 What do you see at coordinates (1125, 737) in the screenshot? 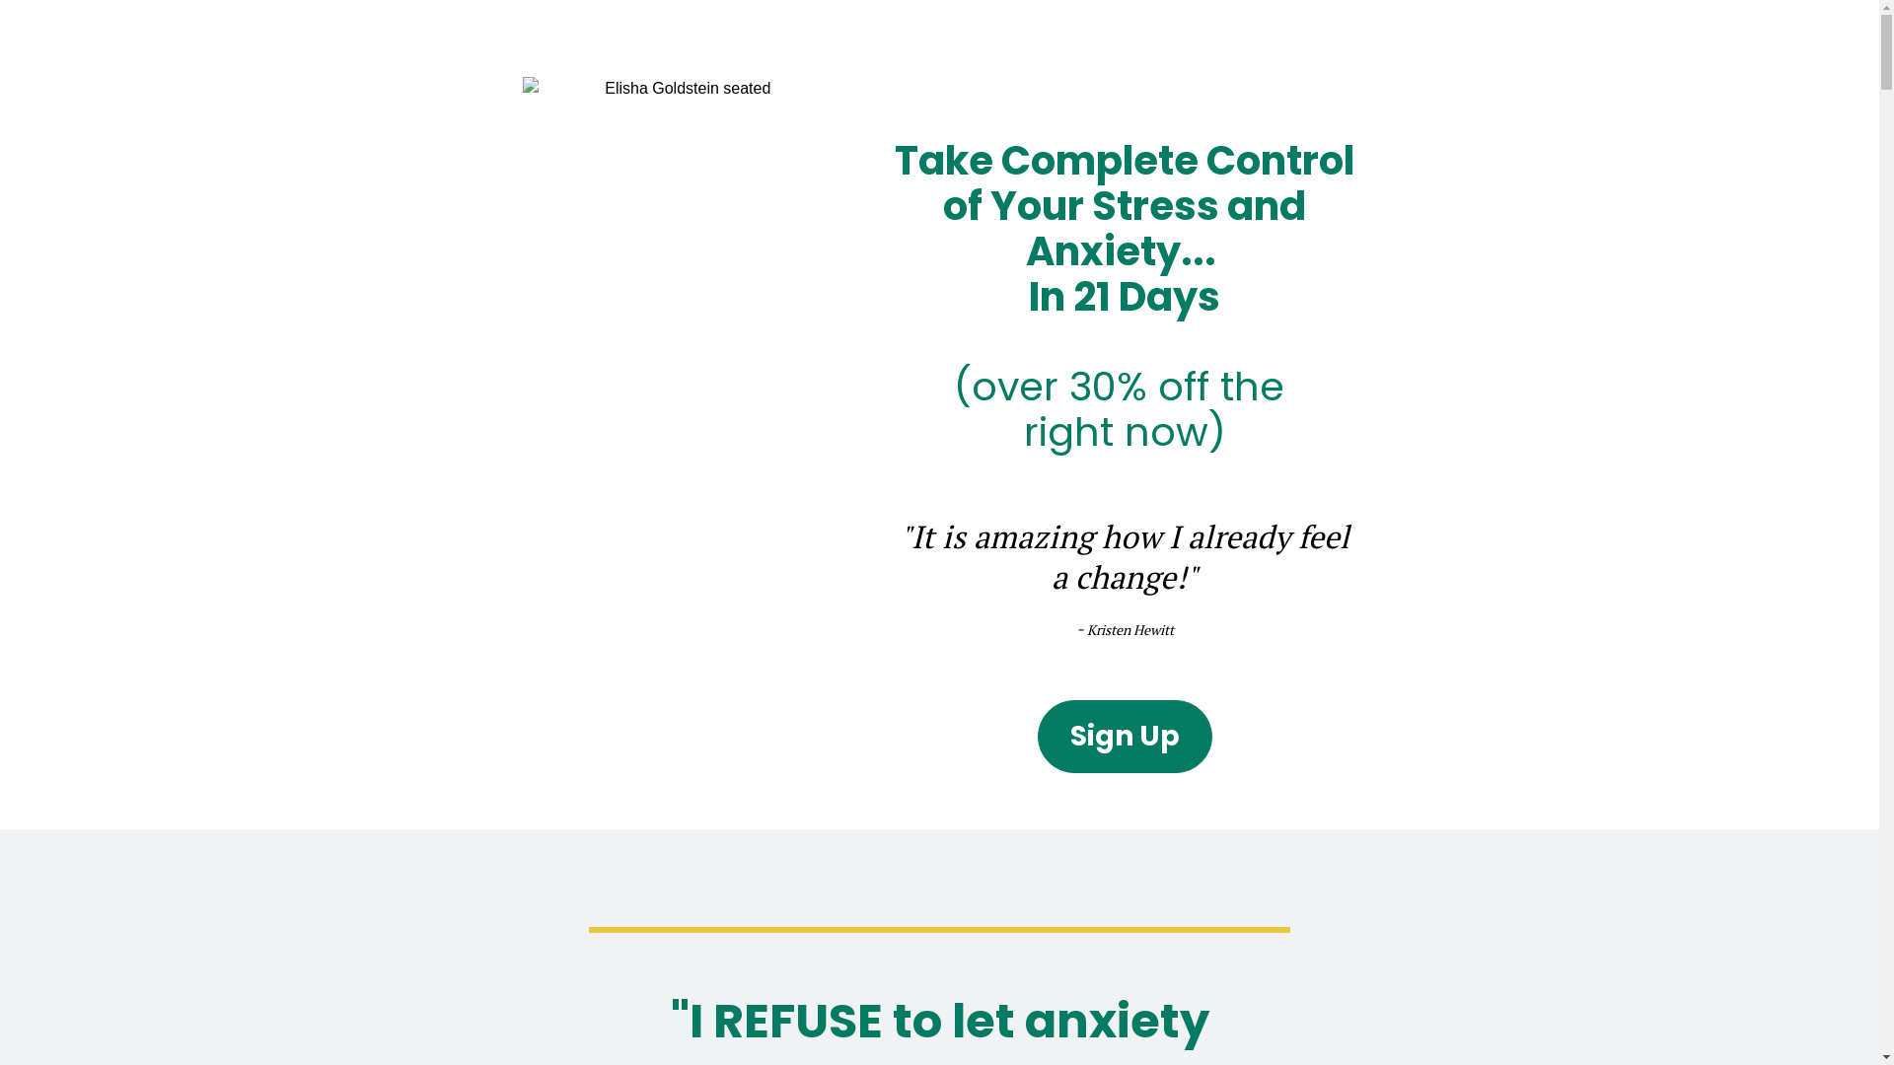
I see `'Sign Up'` at bounding box center [1125, 737].